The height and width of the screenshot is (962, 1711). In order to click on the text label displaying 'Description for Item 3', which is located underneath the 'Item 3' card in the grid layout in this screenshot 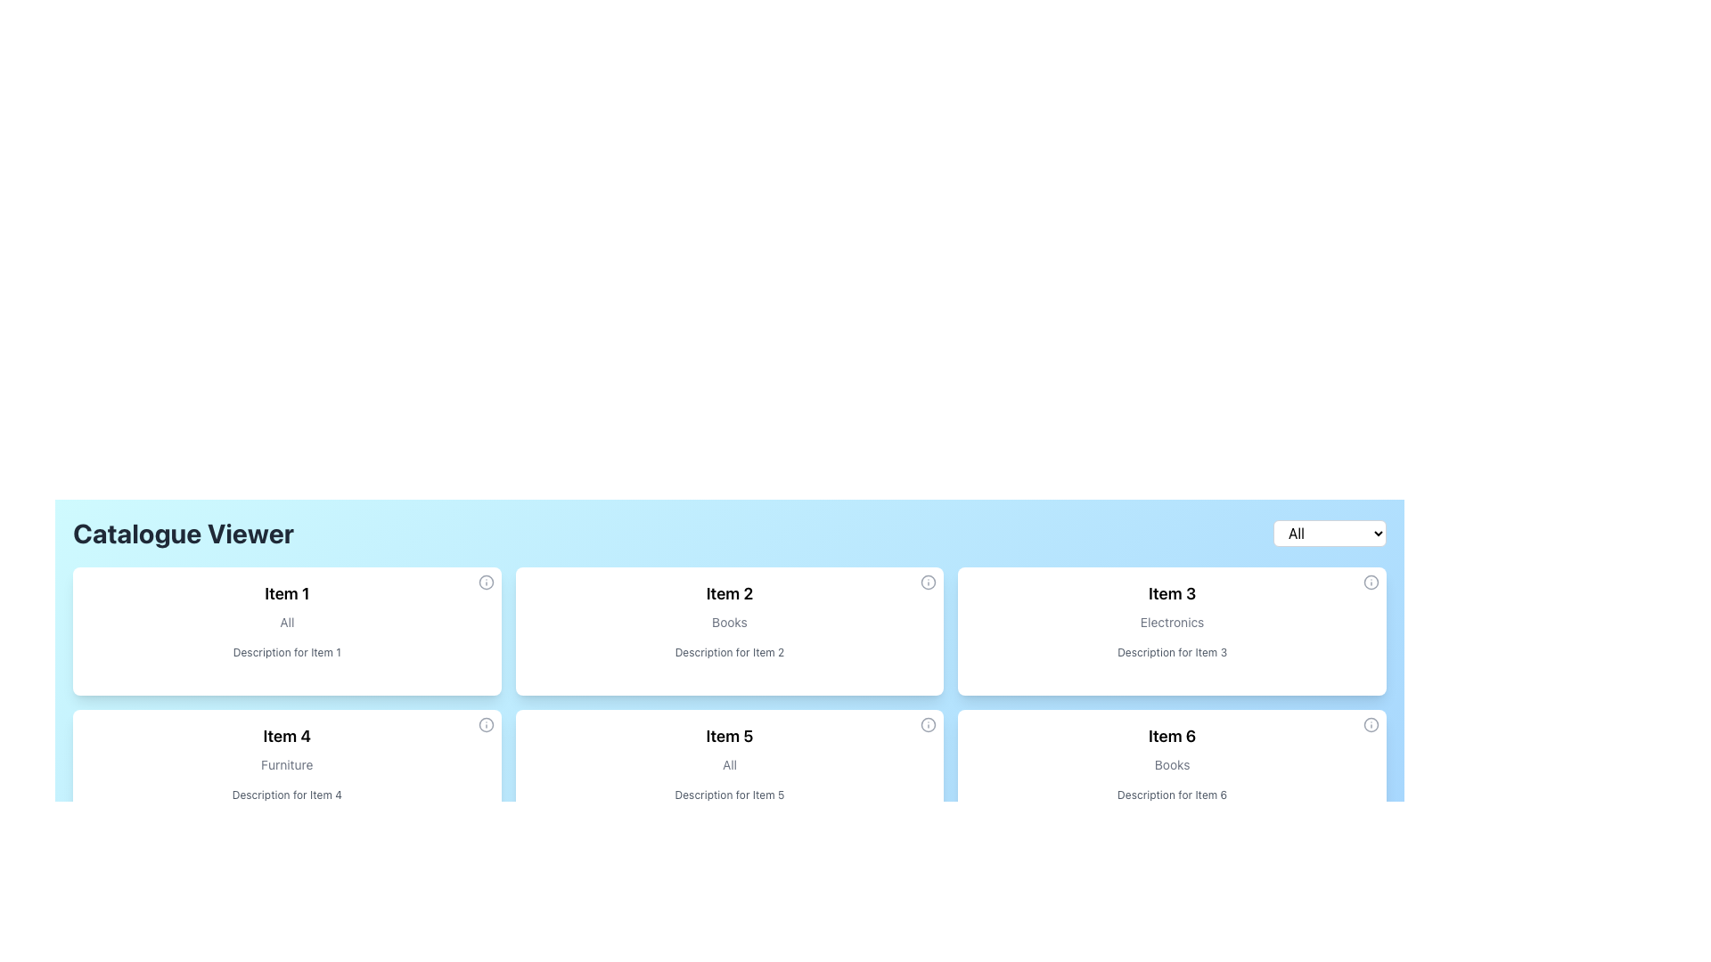, I will do `click(1172, 652)`.